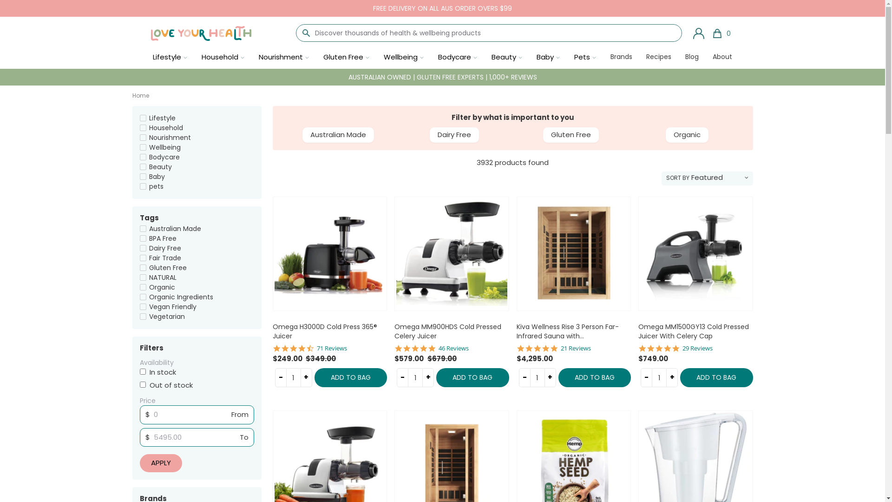 The image size is (892, 502). What do you see at coordinates (697, 348) in the screenshot?
I see `'29 Reviews'` at bounding box center [697, 348].